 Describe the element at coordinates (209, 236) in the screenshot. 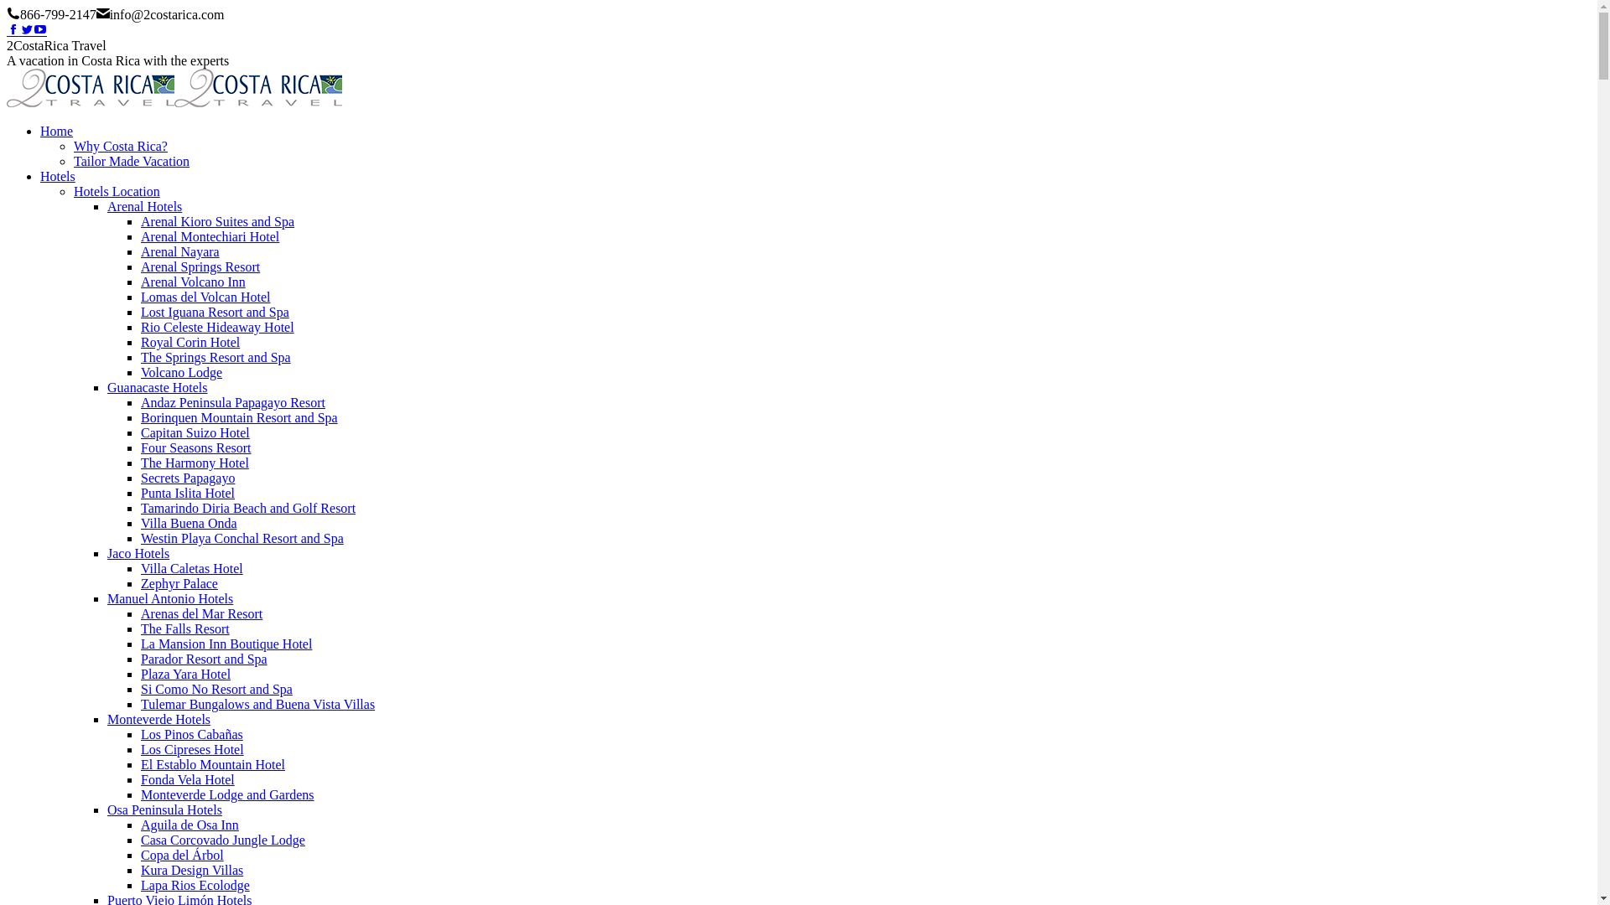

I see `'Arenal Montechiari Hotel'` at that location.